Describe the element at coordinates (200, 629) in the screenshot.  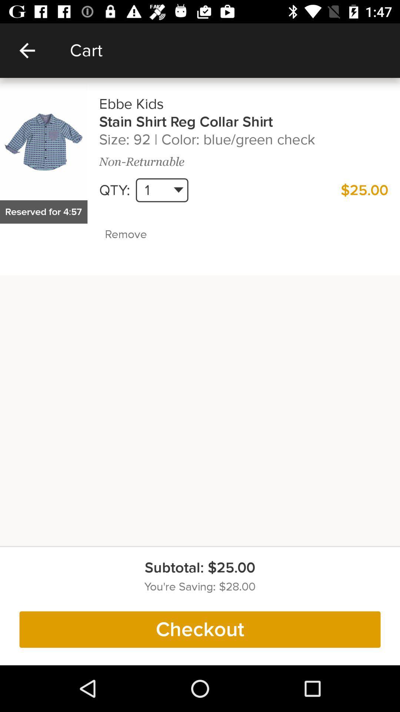
I see `the checkout item` at that location.